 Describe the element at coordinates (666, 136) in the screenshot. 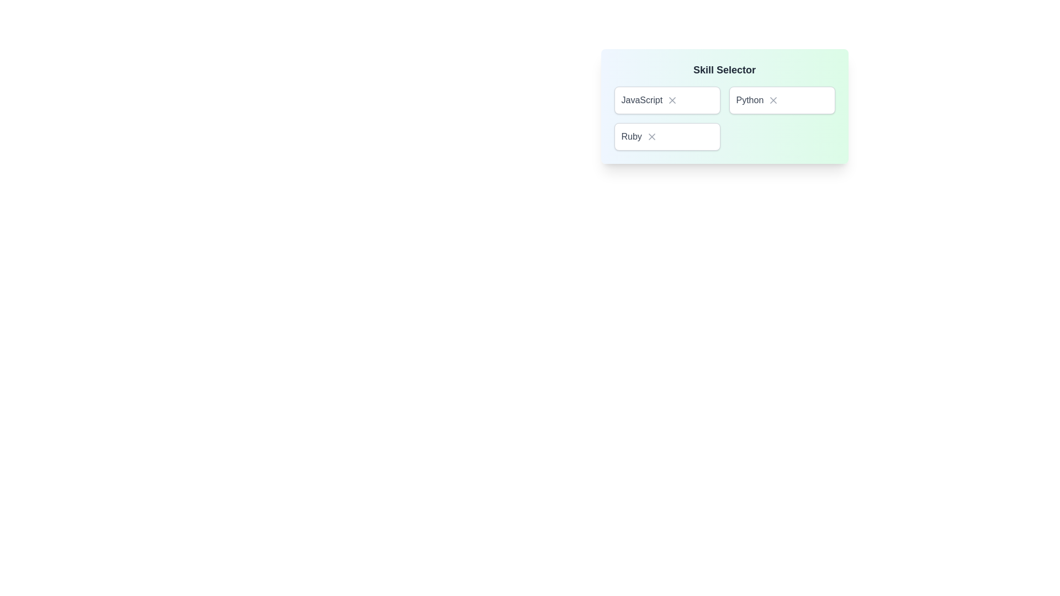

I see `the chip labeled Ruby` at that location.